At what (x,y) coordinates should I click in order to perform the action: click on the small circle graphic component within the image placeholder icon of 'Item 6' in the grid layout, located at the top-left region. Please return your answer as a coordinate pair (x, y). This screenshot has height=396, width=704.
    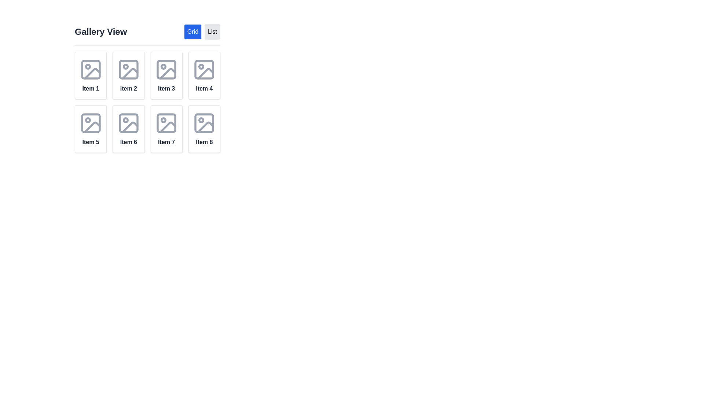
    Looking at the image, I should click on (125, 120).